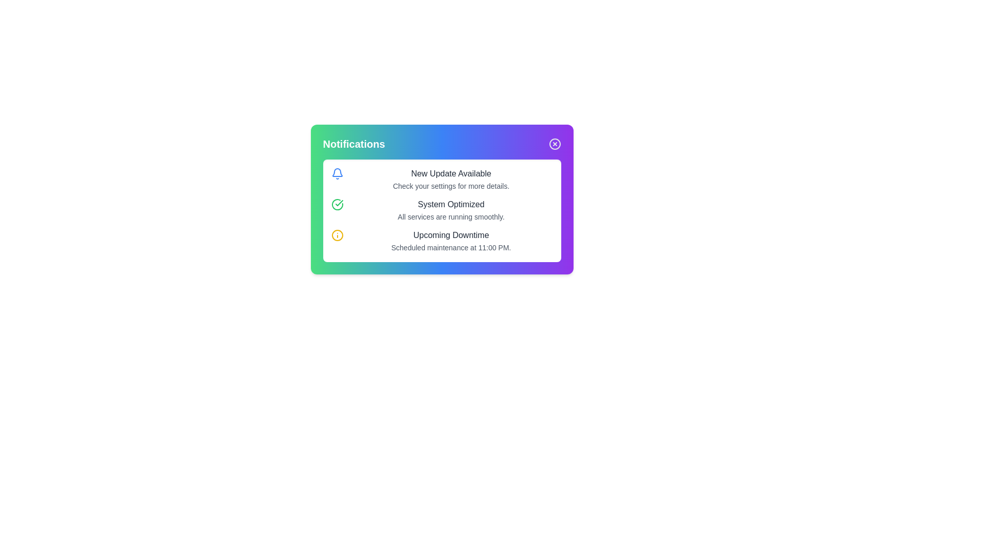 This screenshot has width=985, height=554. What do you see at coordinates (442, 210) in the screenshot?
I see `the informational notification card that indicates all services are functioning as expected, which is the second item in a vertical list of notifications` at bounding box center [442, 210].